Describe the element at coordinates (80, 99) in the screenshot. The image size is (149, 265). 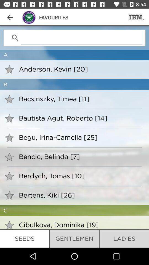
I see `bacsinszky, timea [11]` at that location.